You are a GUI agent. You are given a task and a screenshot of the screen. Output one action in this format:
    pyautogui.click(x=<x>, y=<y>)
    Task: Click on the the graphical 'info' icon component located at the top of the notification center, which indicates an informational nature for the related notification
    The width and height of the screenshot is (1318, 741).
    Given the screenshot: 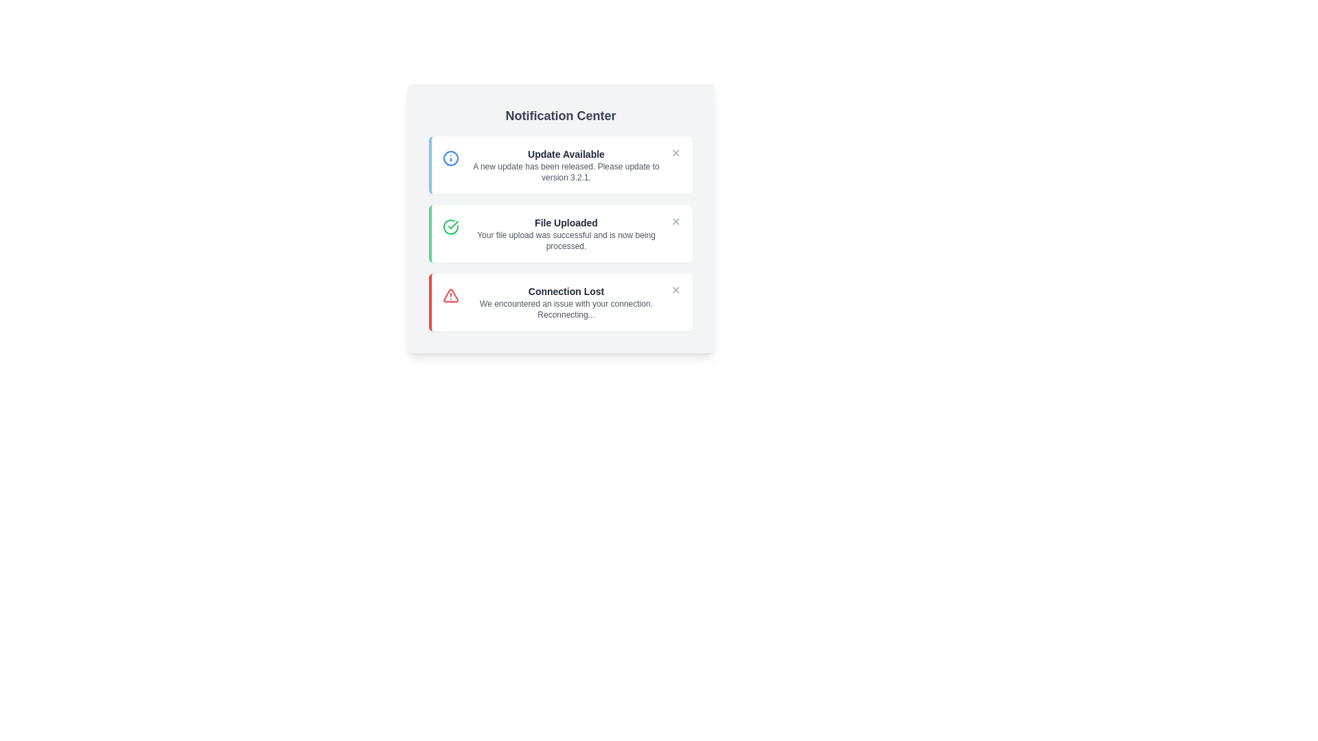 What is the action you would take?
    pyautogui.click(x=451, y=158)
    